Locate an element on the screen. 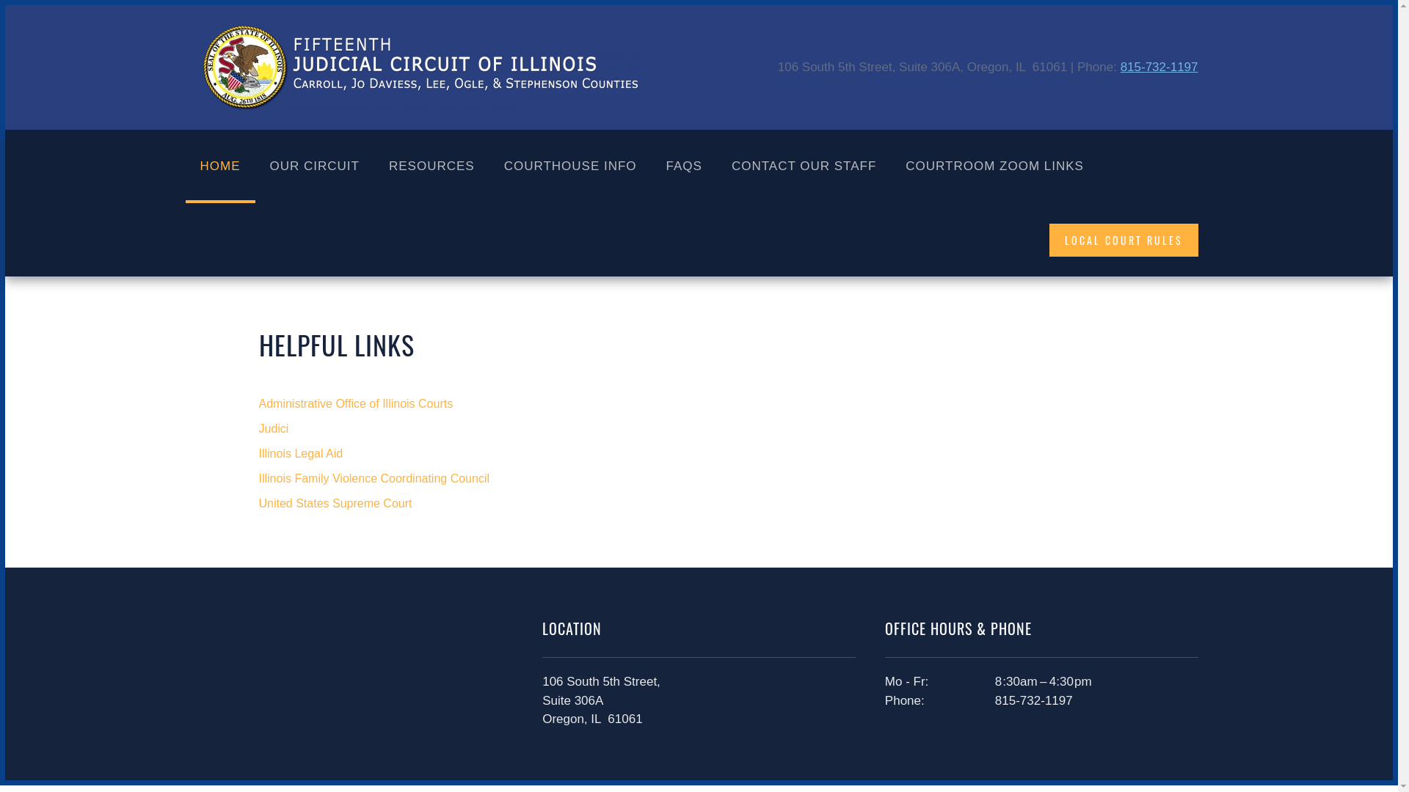 The image size is (1409, 792). 'COURTHOUSE INFO' is located at coordinates (569, 166).